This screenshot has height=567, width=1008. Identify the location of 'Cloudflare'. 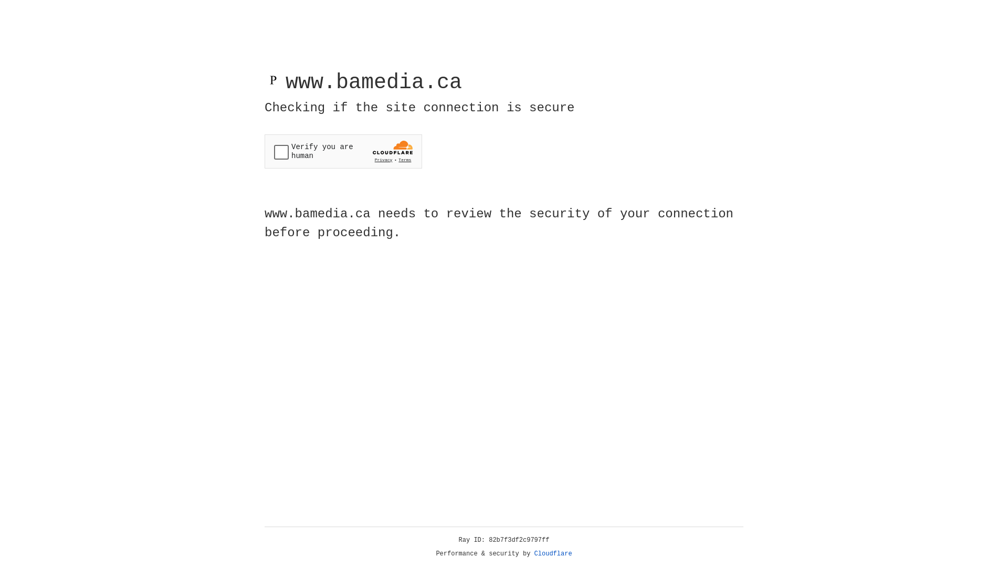
(553, 553).